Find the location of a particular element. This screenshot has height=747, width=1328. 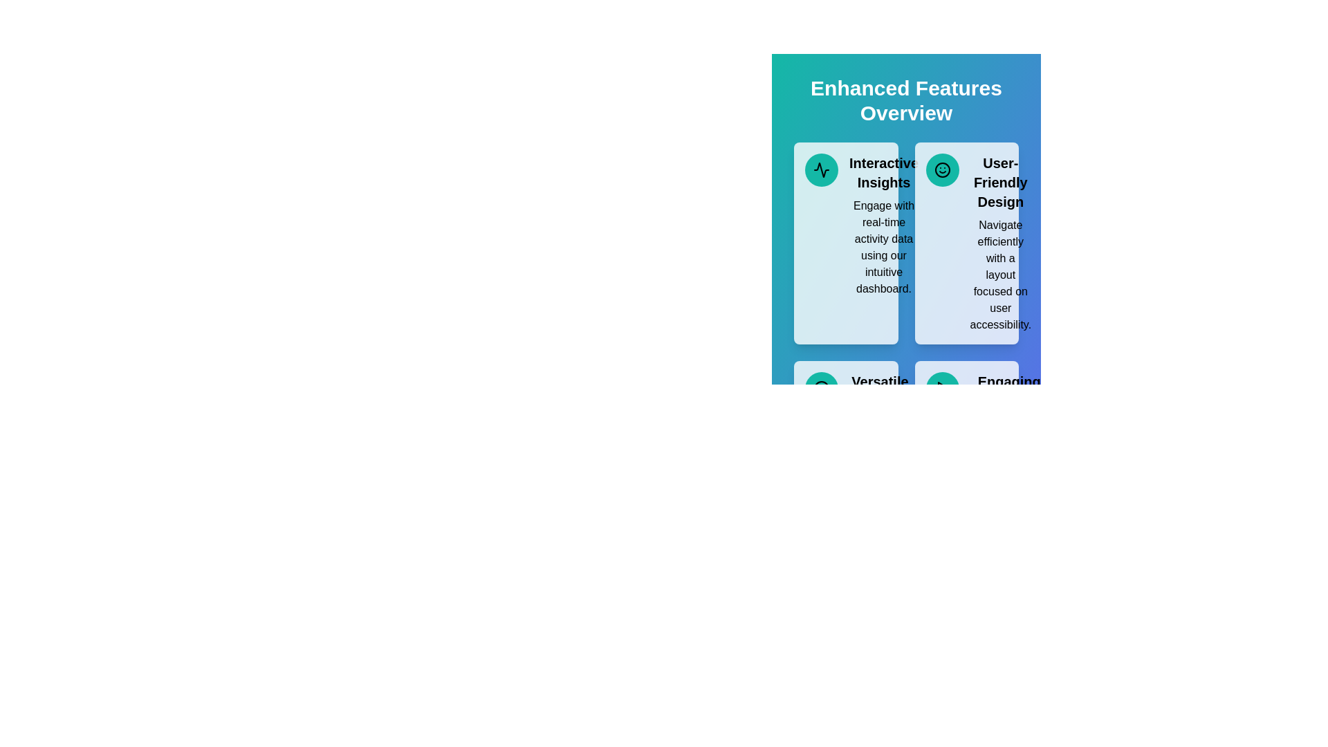

the 'User-Friendly Design' icon located at the top-left corner of the 'User-Friendly Design' section within the 'Enhanced Features Overview' grid layout is located at coordinates (941, 169).